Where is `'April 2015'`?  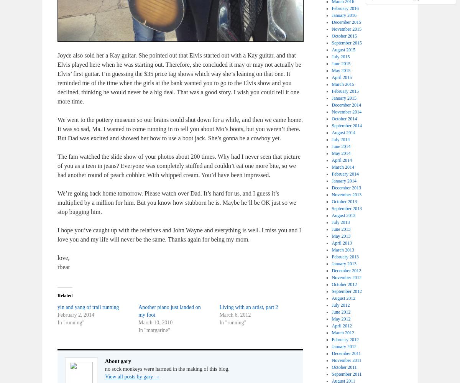
'April 2015' is located at coordinates (341, 77).